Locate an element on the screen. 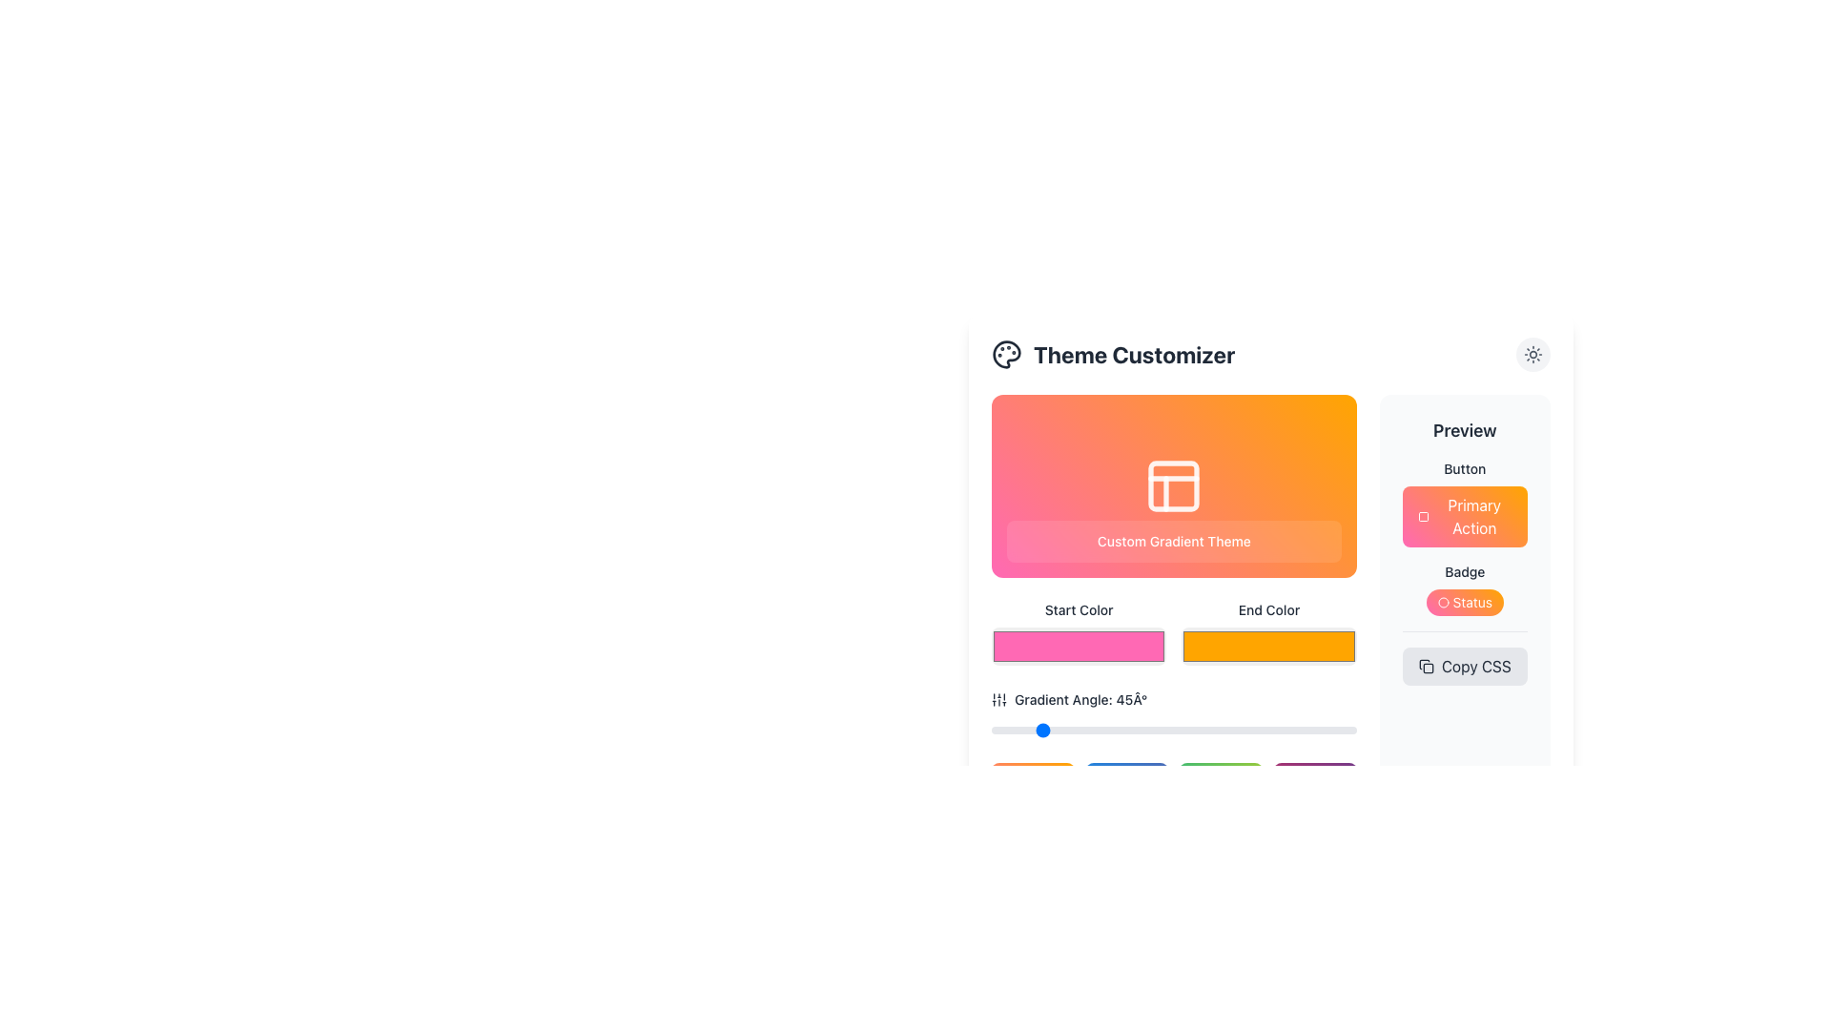  the clipboard icon located in the center-left of the 'Copy CSS' button on the interface is located at coordinates (1424, 664).